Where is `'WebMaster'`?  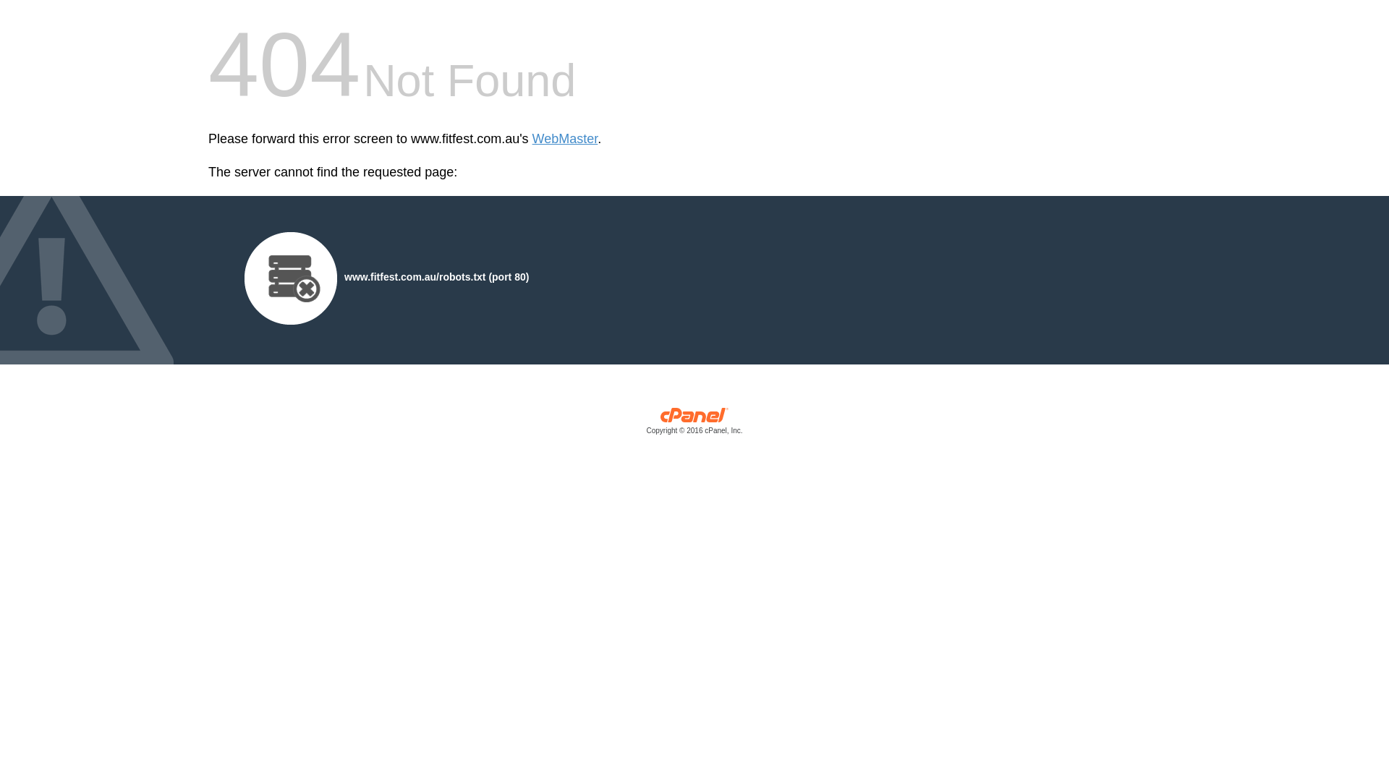 'WebMaster' is located at coordinates (564, 139).